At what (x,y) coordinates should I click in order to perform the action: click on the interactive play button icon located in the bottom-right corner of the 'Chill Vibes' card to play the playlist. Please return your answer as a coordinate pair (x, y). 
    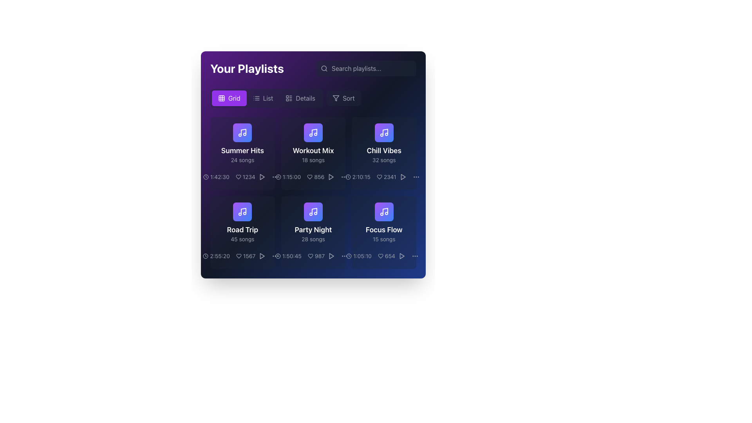
    Looking at the image, I should click on (403, 177).